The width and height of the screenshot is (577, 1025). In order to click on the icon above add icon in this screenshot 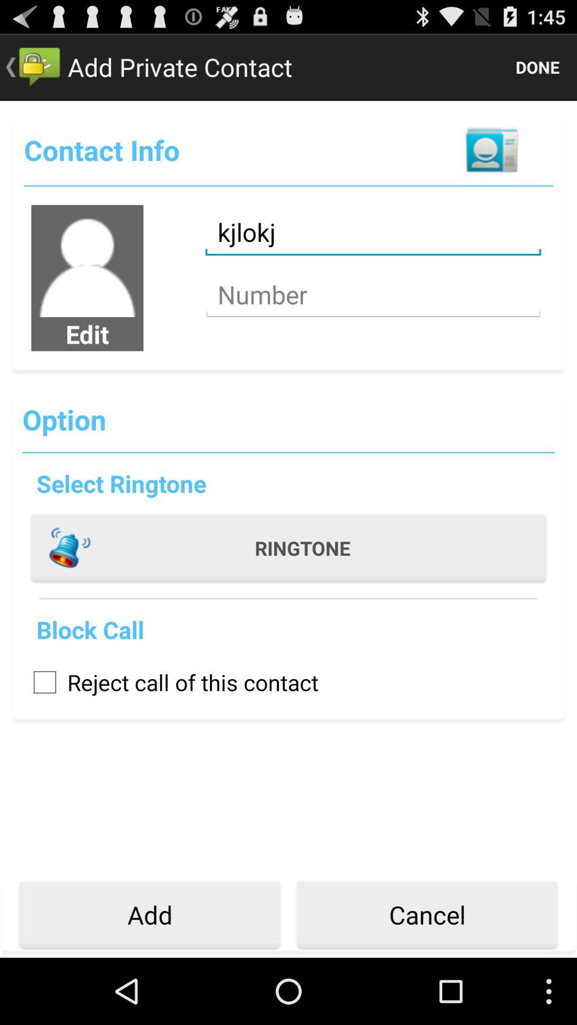, I will do `click(170, 681)`.